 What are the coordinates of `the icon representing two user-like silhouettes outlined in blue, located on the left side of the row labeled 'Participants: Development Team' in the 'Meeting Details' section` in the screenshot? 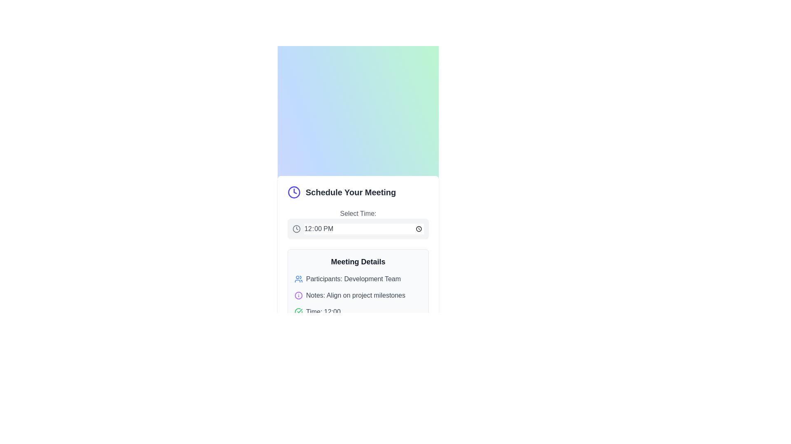 It's located at (298, 278).